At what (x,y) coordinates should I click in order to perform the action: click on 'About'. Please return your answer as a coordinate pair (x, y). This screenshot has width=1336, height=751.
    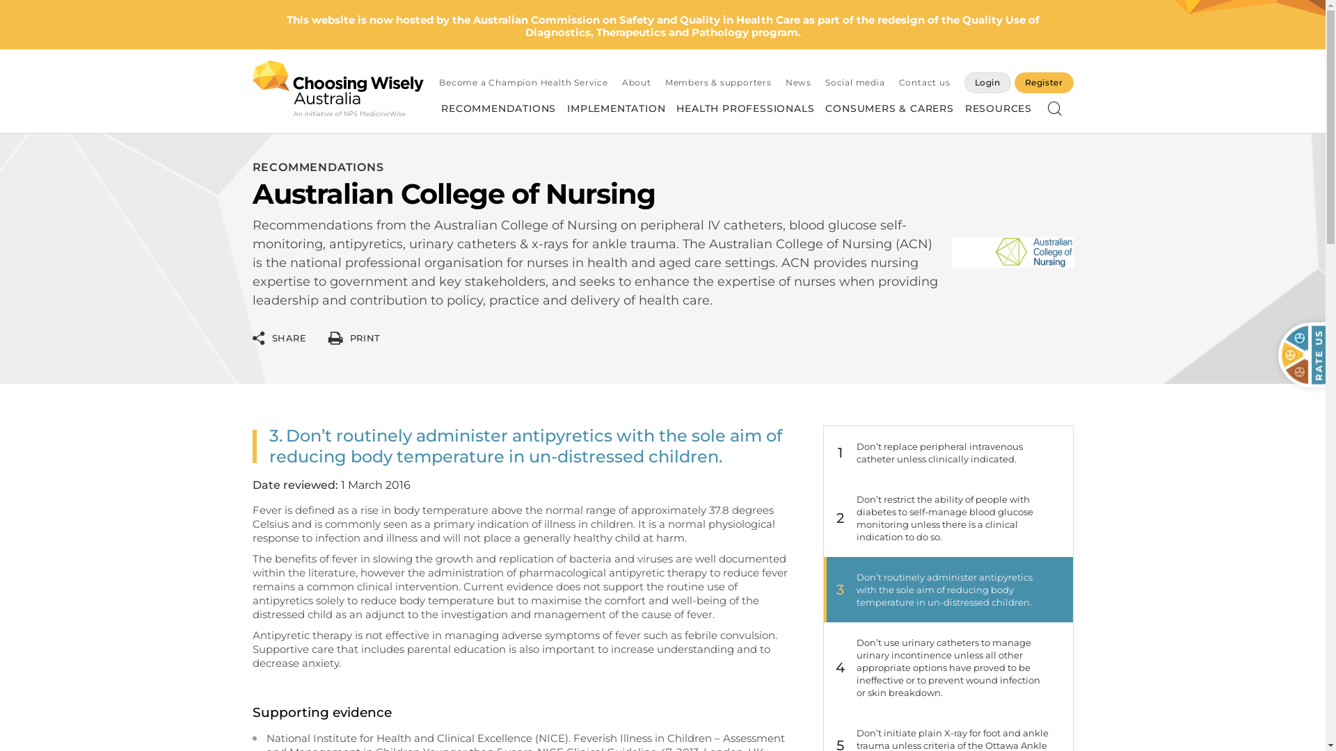
    Looking at the image, I should click on (636, 82).